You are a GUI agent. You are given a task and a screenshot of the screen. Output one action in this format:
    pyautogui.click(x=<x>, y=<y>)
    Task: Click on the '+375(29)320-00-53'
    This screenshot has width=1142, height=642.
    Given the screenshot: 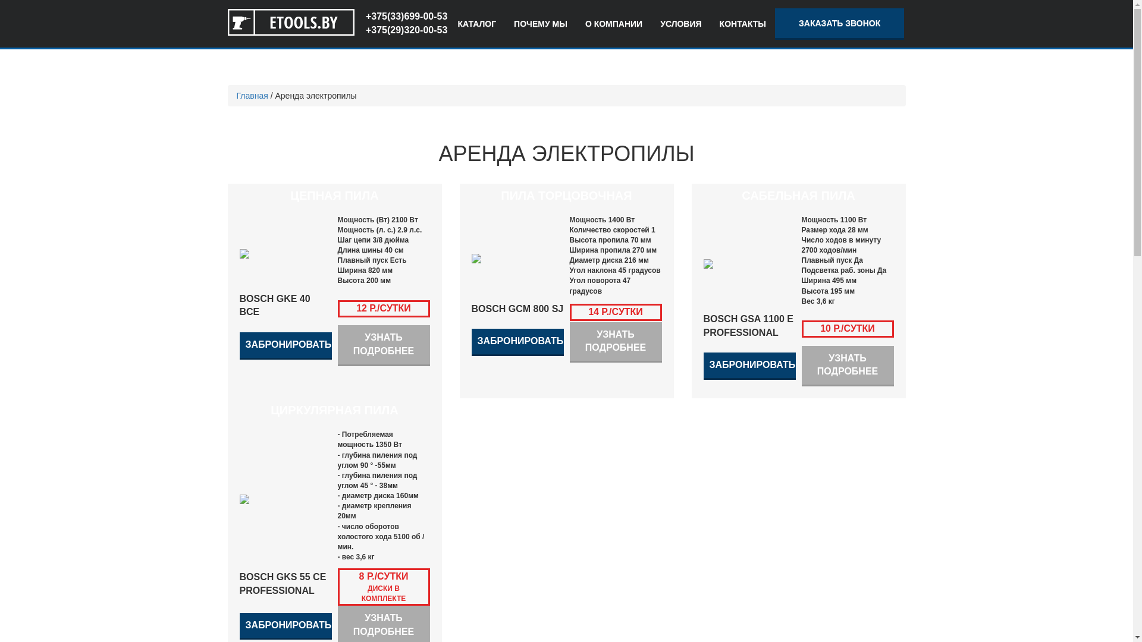 What is the action you would take?
    pyautogui.click(x=406, y=30)
    